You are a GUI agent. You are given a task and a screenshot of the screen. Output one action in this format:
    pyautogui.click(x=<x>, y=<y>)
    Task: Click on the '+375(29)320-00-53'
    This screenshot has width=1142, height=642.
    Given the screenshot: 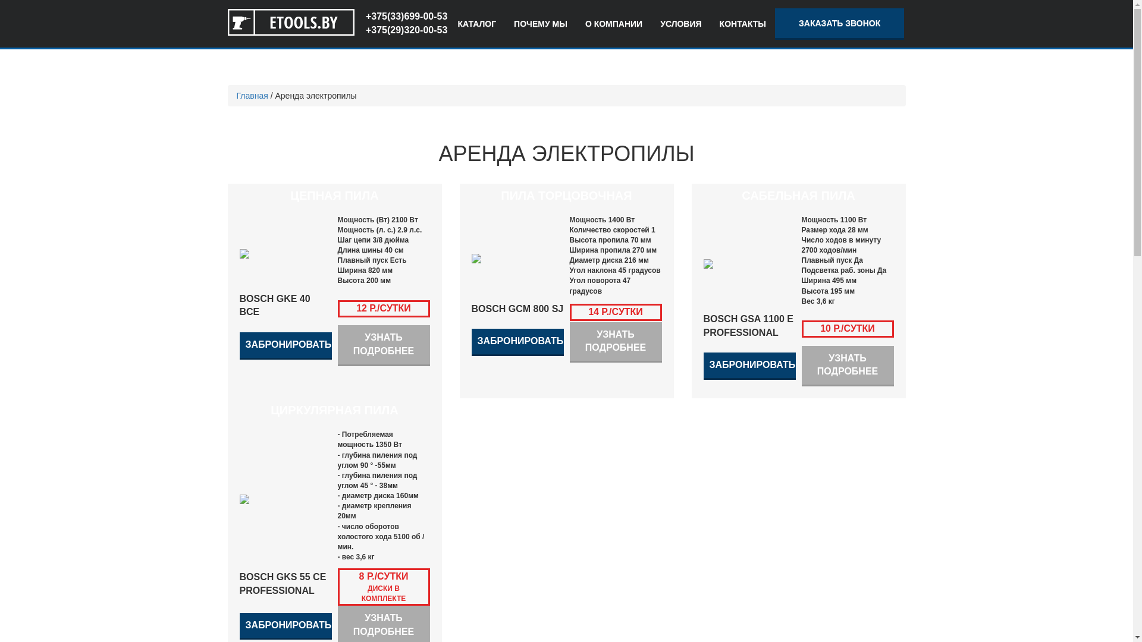 What is the action you would take?
    pyautogui.click(x=406, y=30)
    